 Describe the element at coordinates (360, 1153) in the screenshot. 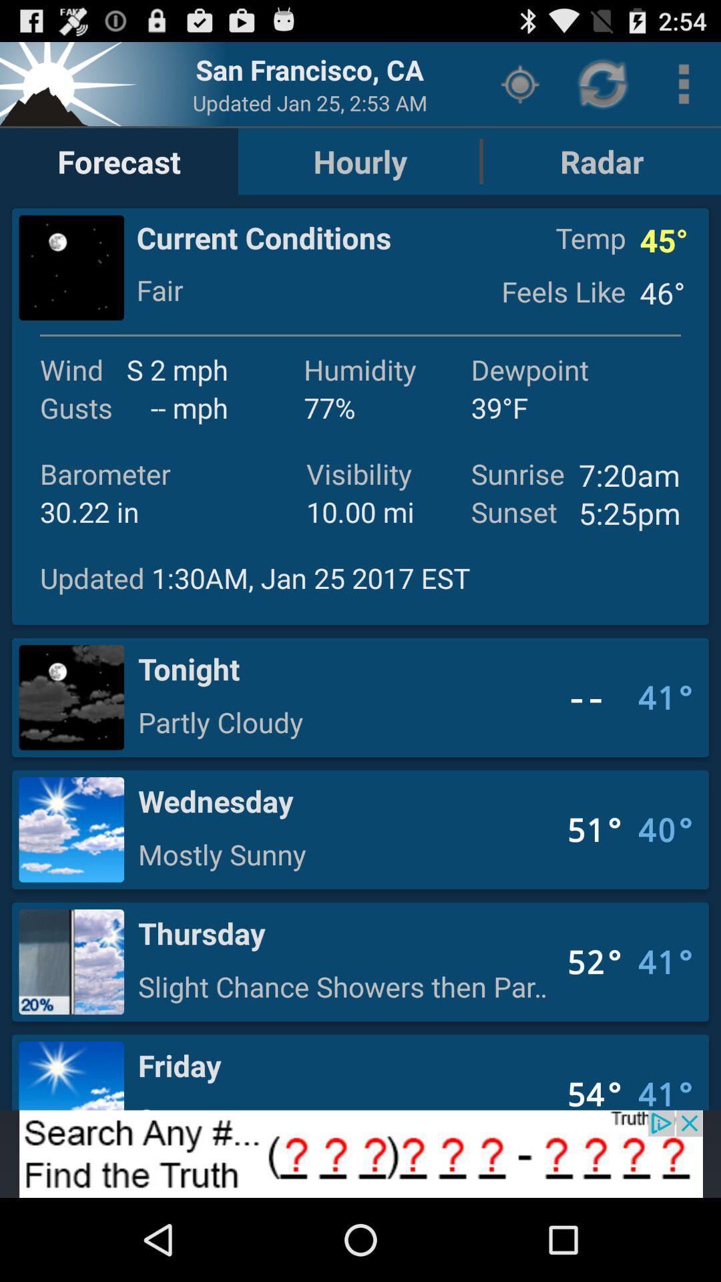

I see `search button` at that location.